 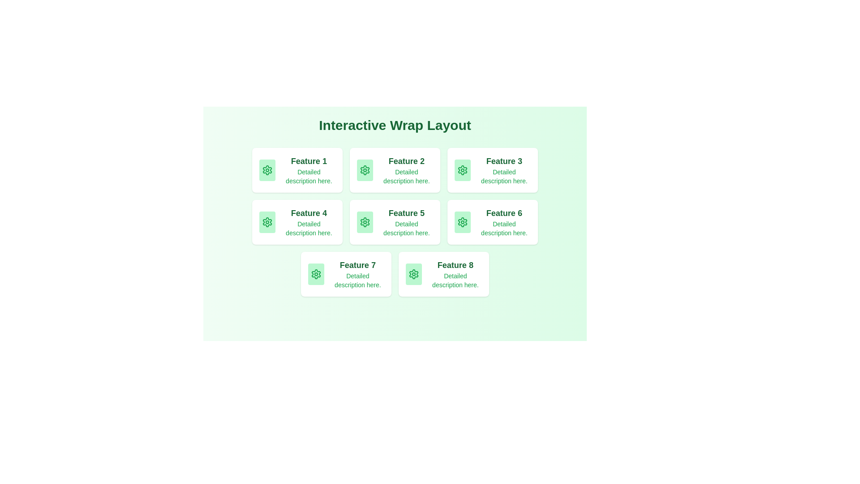 I want to click on the settings icon located in the top-left segment of the grid layout under 'Interactive Wrap Layout', aligned with 'Feature 1', so click(x=267, y=170).